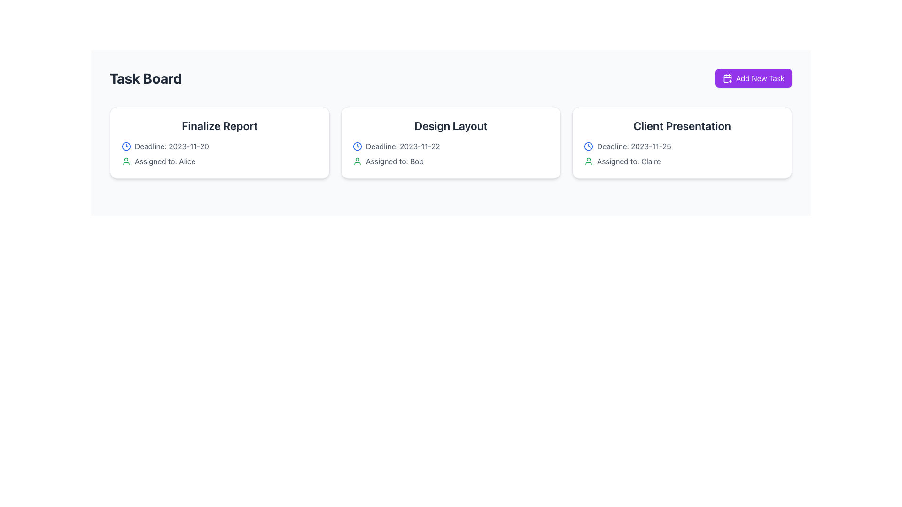  Describe the element at coordinates (682, 125) in the screenshot. I see `text from the title label of the card titled 'Client Presentation', located at the top right of the card` at that location.